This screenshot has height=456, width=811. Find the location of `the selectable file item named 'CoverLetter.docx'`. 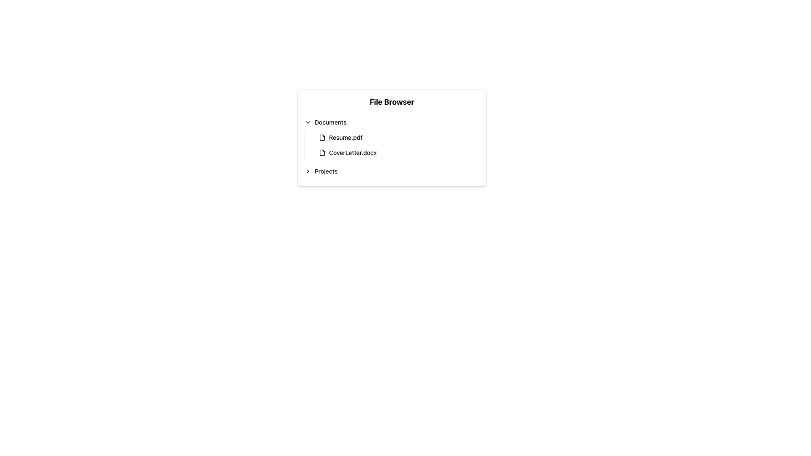

the selectable file item named 'CoverLetter.docx' is located at coordinates (395, 153).